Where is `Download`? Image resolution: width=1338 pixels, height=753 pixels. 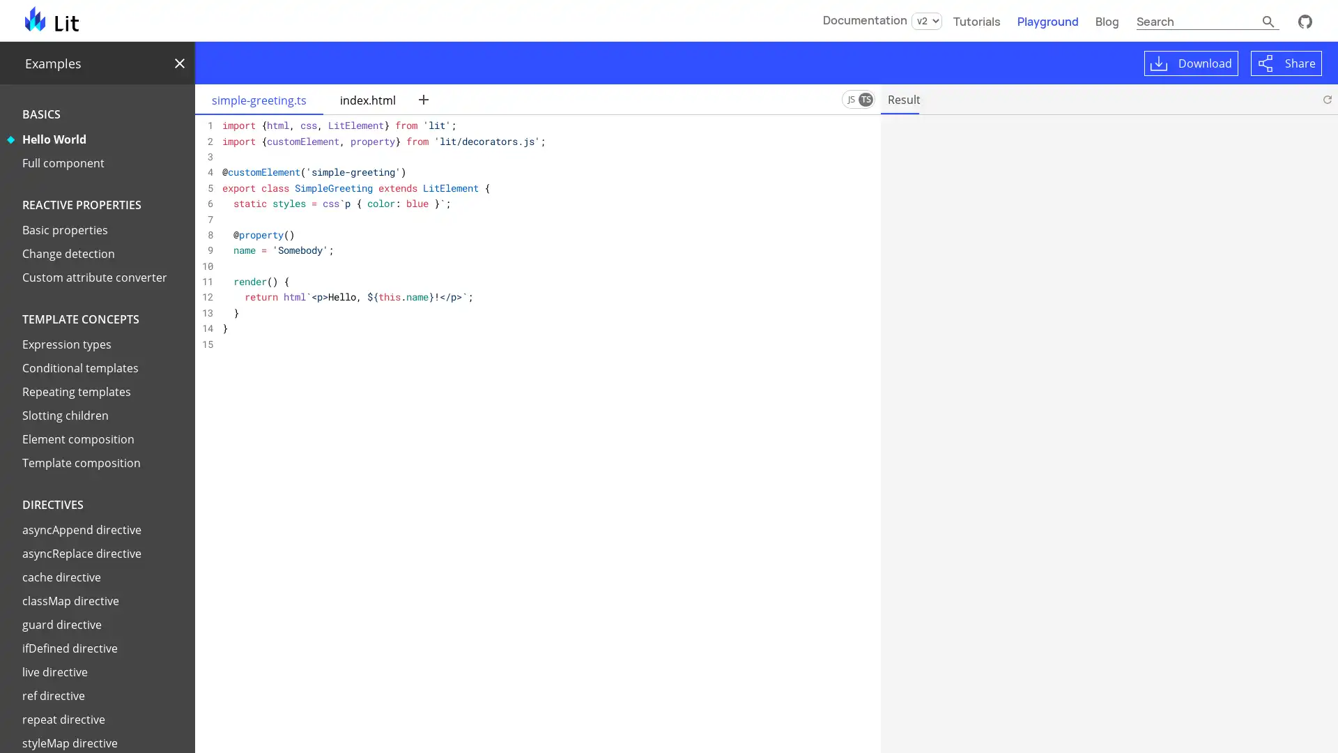 Download is located at coordinates (1190, 61).